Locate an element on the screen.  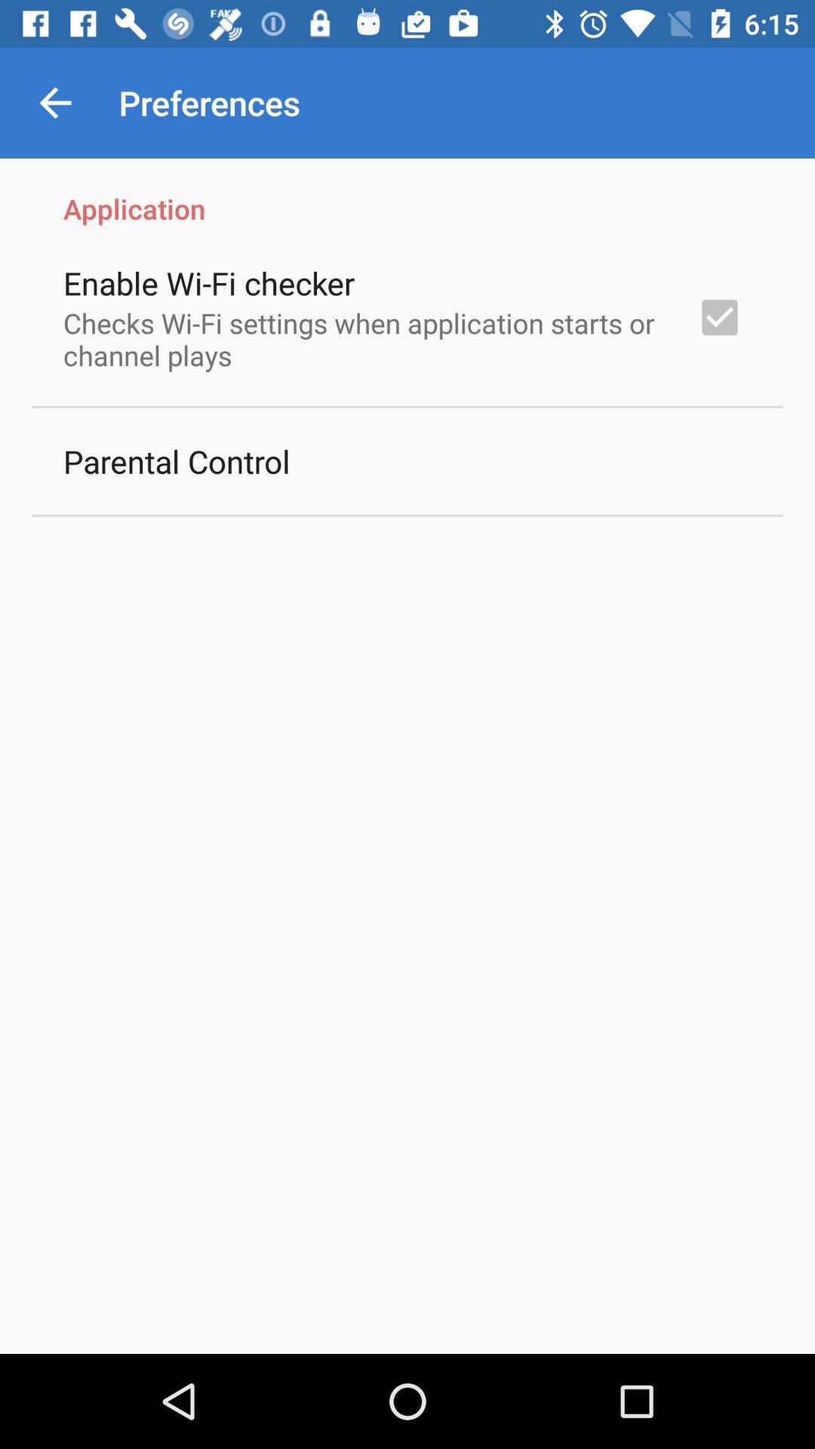
the item at the top right corner is located at coordinates (718, 316).